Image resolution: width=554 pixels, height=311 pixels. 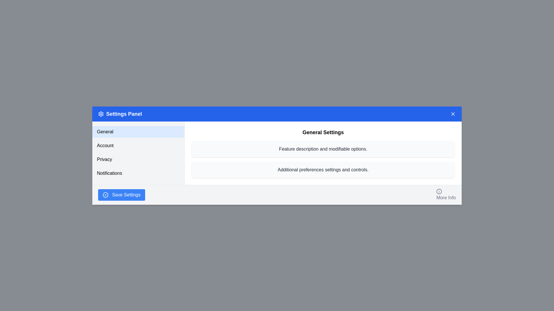 What do you see at coordinates (439, 191) in the screenshot?
I see `the circular graphic element that is part of the information icon located at the bottom-right corner of the interface, next to the 'More Info' label` at bounding box center [439, 191].